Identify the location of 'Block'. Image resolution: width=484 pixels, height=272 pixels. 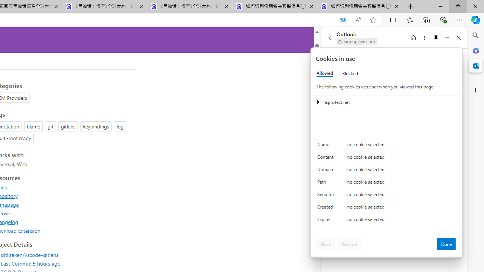
(326, 244).